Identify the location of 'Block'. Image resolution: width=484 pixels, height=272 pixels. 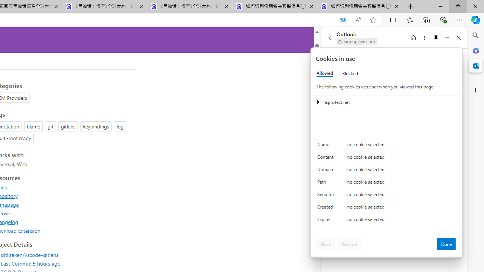
(326, 244).